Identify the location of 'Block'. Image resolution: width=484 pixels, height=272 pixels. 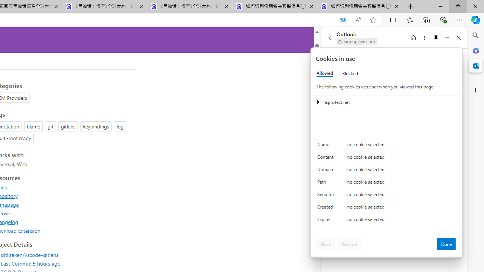
(326, 244).